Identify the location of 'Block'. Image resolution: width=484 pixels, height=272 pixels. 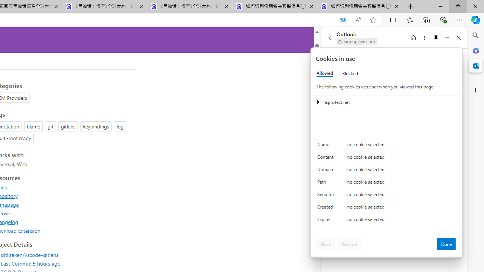
(326, 244).